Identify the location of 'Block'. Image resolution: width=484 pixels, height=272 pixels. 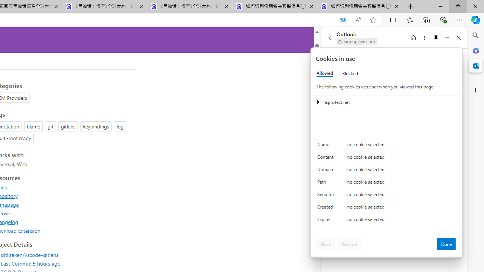
(326, 244).